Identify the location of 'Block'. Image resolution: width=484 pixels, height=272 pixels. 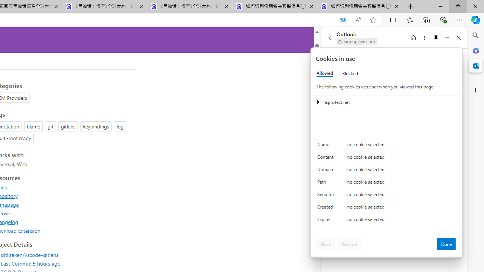
(326, 244).